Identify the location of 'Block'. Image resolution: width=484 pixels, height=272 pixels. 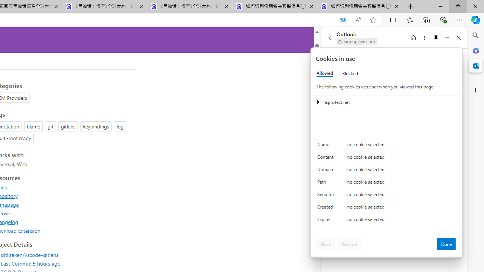
(326, 244).